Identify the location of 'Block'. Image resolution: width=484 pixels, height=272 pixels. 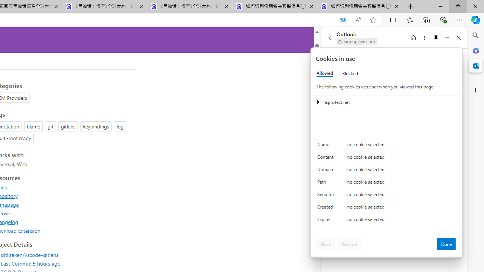
(326, 244).